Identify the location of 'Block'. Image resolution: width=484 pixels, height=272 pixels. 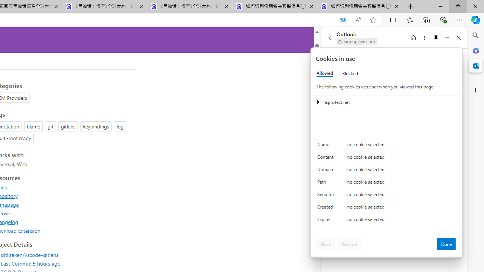
(326, 244).